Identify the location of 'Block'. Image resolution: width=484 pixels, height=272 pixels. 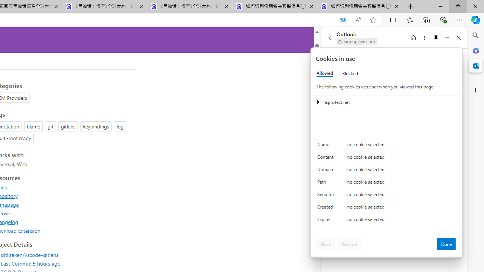
(326, 244).